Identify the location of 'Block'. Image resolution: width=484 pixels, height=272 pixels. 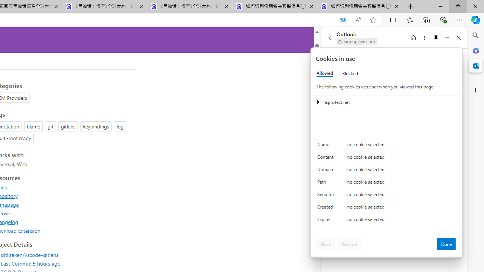
(326, 244).